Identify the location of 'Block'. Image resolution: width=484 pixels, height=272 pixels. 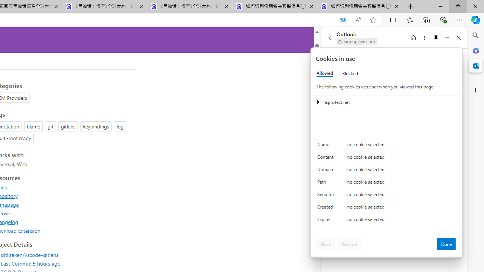
(326, 244).